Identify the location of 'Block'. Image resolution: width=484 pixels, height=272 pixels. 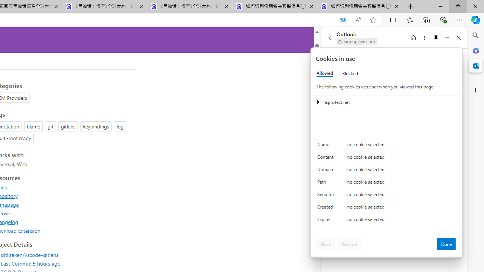
(326, 244).